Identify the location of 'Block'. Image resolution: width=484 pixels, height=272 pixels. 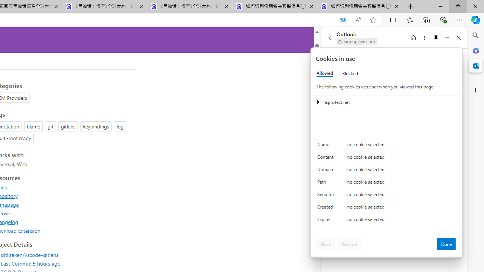
(326, 244).